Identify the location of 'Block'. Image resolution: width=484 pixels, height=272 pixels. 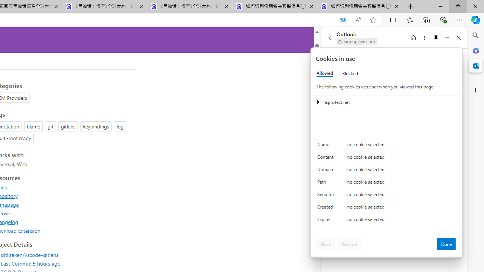
(326, 244).